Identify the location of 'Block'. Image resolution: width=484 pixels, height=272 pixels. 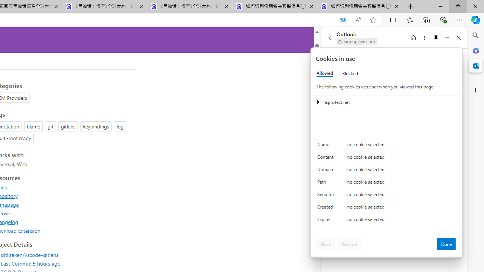
(326, 244).